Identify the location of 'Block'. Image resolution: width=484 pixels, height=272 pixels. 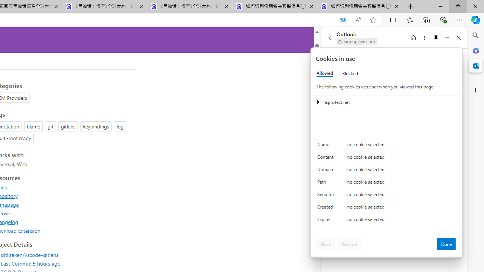
(326, 244).